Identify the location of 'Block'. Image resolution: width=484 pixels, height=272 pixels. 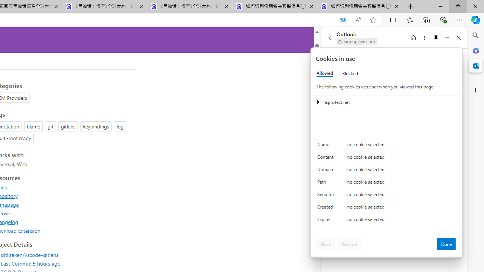
(326, 244).